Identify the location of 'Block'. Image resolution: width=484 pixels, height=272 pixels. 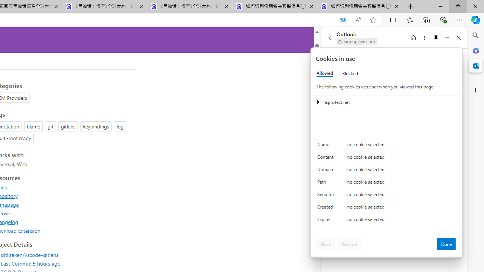
(326, 244).